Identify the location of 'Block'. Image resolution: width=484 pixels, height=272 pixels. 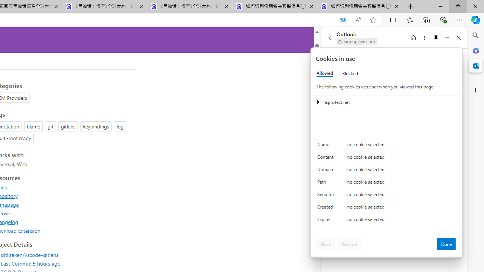
(326, 244).